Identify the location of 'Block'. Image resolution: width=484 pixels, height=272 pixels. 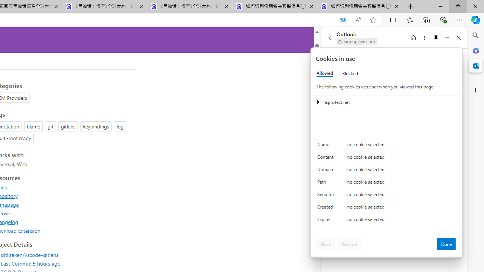
(326, 244).